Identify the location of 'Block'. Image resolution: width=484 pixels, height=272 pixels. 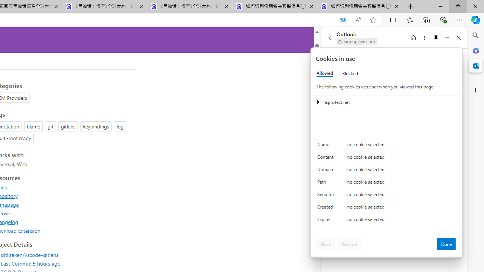
(326, 244).